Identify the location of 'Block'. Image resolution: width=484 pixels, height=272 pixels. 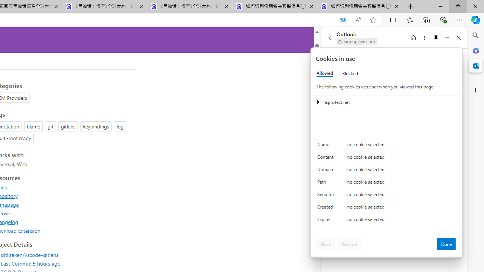
(326, 244).